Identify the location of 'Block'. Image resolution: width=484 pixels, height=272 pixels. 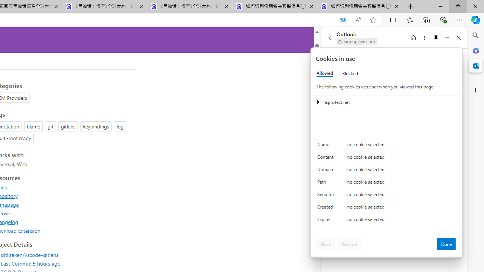
(326, 244).